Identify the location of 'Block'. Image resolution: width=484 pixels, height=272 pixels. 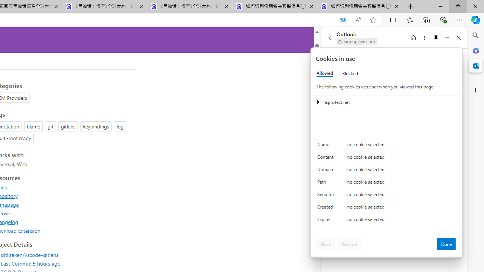
(326, 244).